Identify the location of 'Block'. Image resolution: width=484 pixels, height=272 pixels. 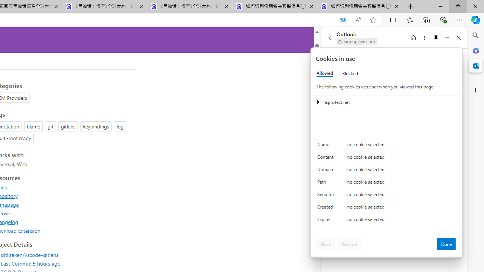
(326, 244).